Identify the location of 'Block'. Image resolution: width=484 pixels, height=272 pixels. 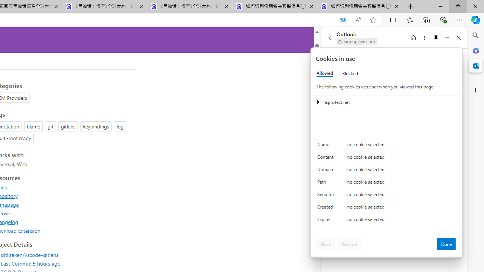
(326, 244).